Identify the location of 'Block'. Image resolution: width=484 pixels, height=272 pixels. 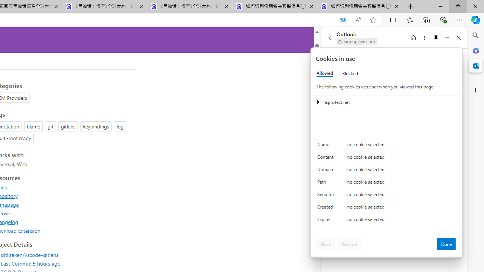
(326, 244).